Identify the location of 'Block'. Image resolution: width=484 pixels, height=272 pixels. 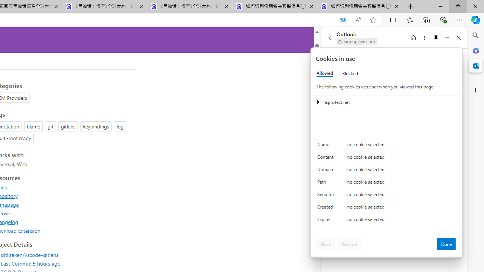
(326, 244).